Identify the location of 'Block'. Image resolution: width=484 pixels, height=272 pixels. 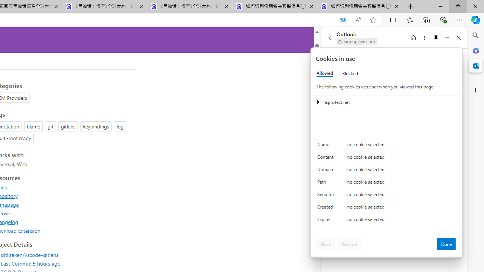
(326, 244).